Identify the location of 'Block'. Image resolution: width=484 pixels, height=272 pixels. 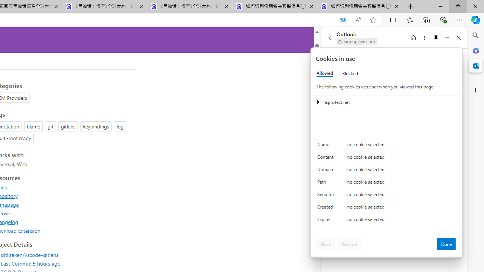
(326, 244).